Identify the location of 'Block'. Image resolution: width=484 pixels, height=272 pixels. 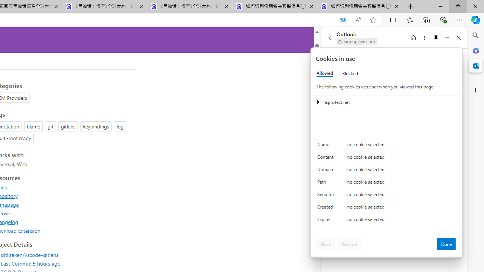
(326, 244).